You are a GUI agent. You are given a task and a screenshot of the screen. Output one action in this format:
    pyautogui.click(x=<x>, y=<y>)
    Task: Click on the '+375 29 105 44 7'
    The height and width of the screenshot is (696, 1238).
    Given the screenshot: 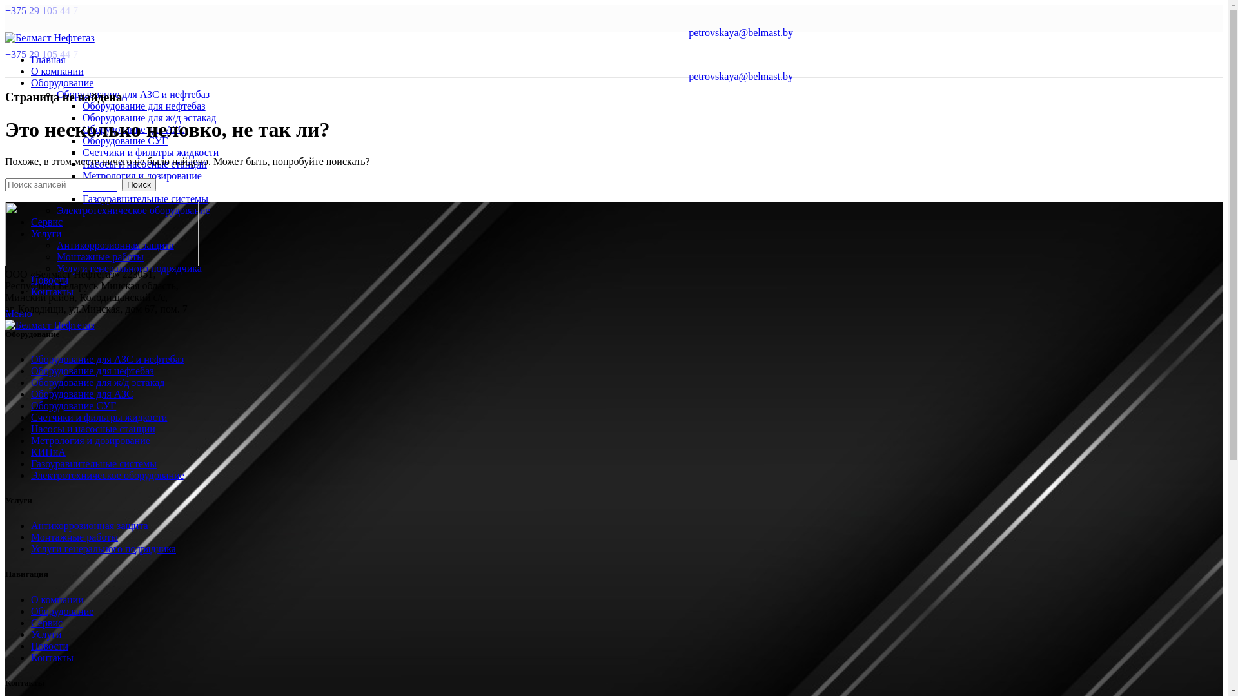 What is the action you would take?
    pyautogui.click(x=5, y=10)
    